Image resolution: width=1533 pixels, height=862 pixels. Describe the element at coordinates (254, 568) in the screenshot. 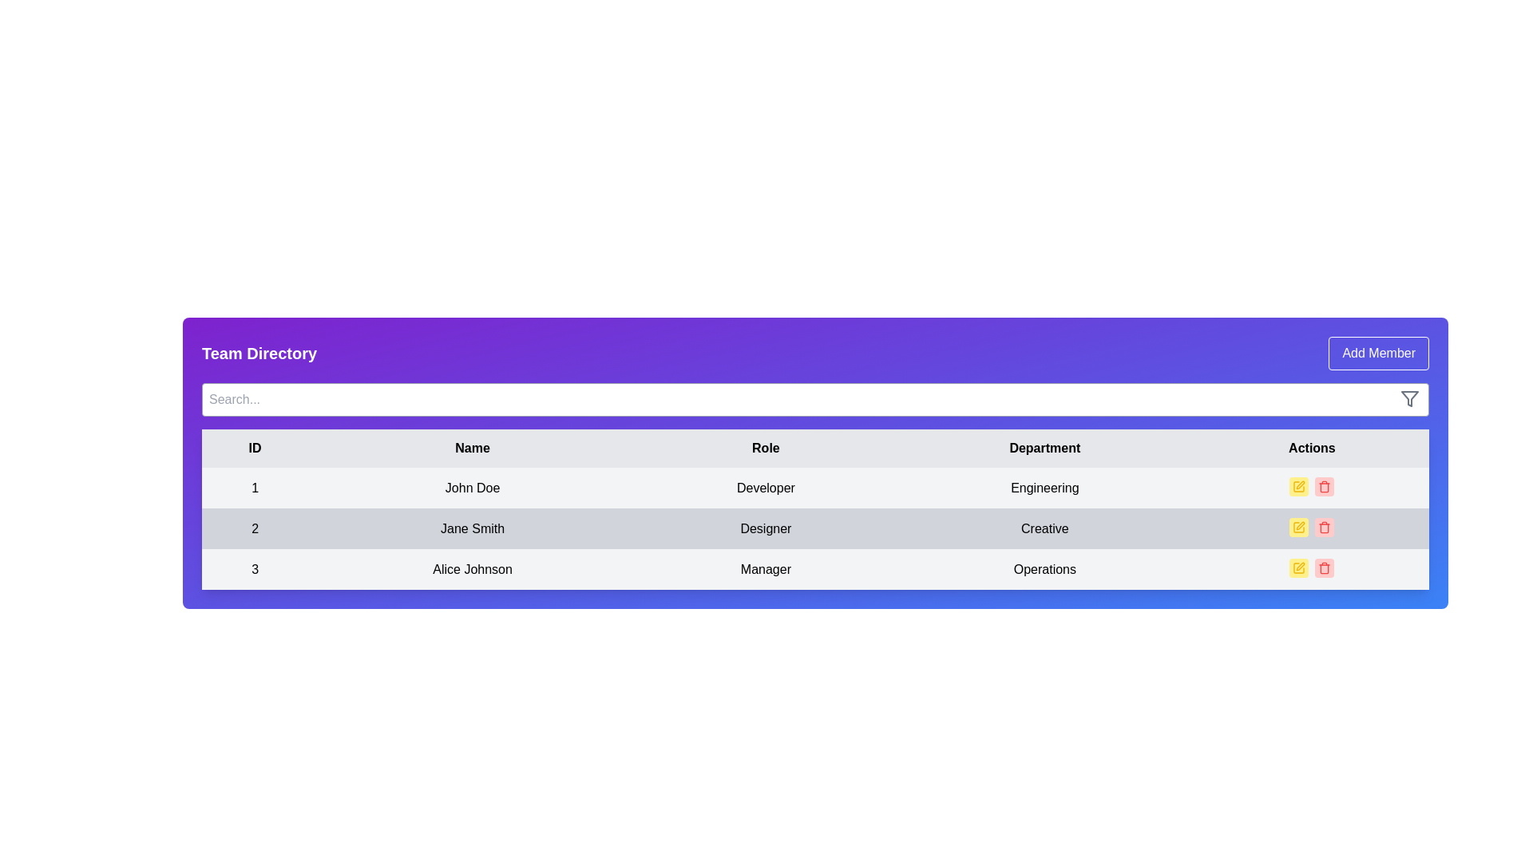

I see `the cell containing the number '3' in the 'ID' column of the fourth row in the 'Team Directory' section` at that location.